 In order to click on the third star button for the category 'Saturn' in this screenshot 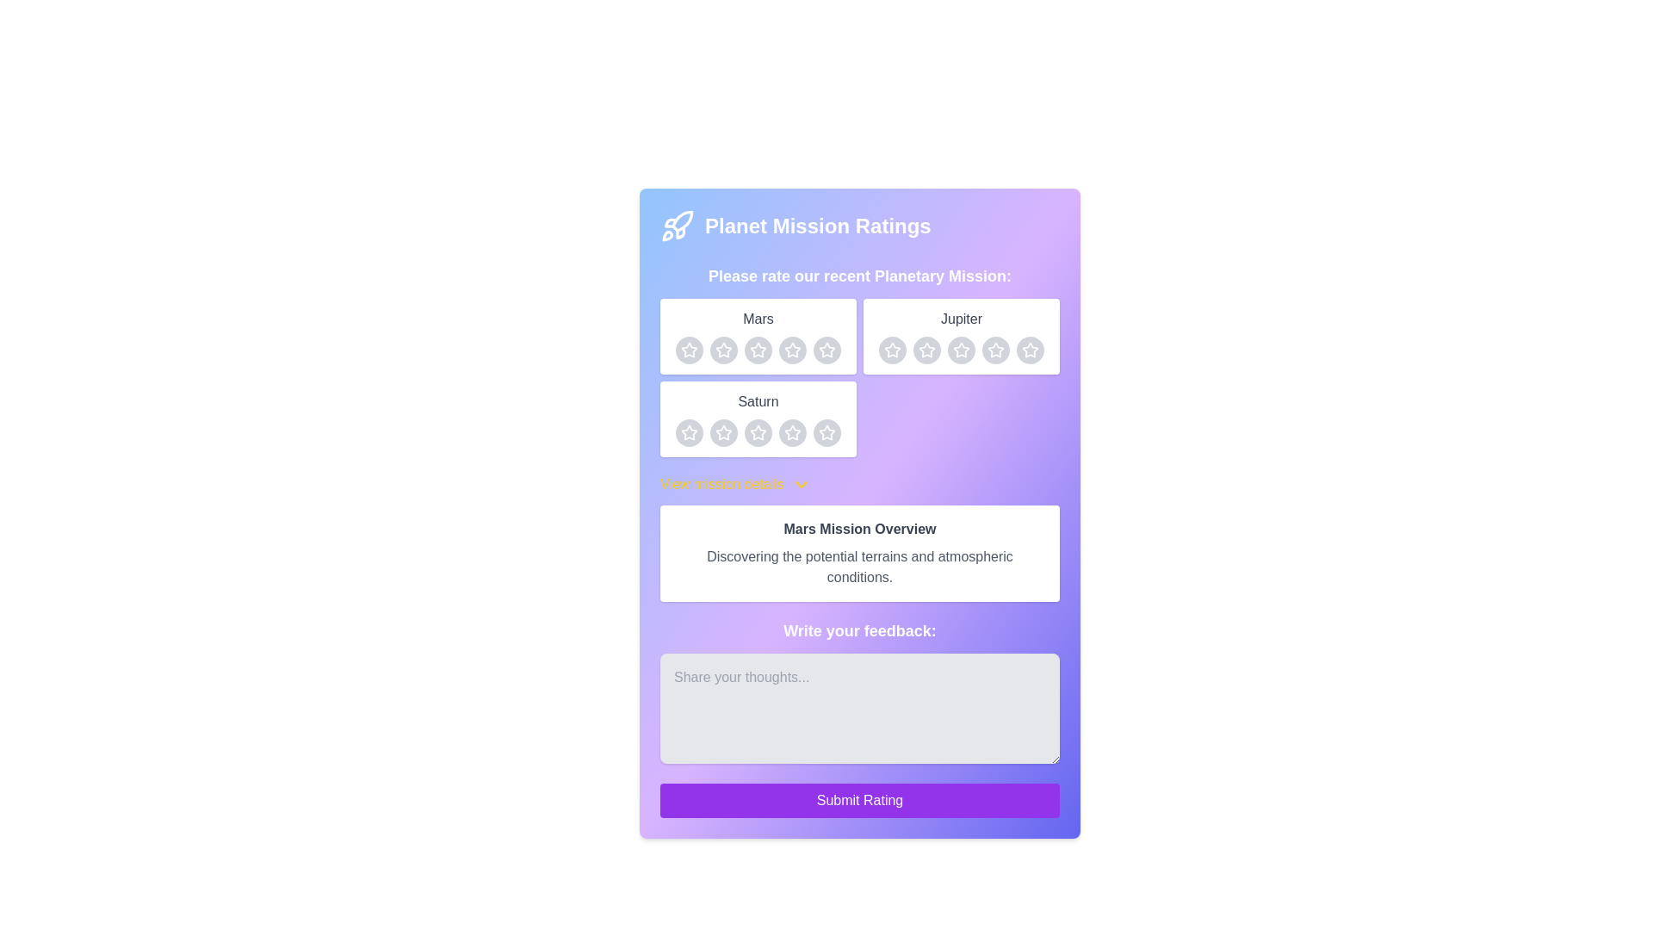, I will do `click(758, 431)`.